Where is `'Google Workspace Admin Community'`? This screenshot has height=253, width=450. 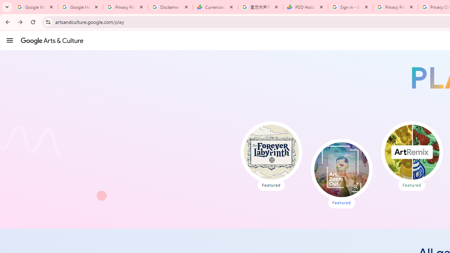 'Google Workspace Admin Community' is located at coordinates (35, 7).